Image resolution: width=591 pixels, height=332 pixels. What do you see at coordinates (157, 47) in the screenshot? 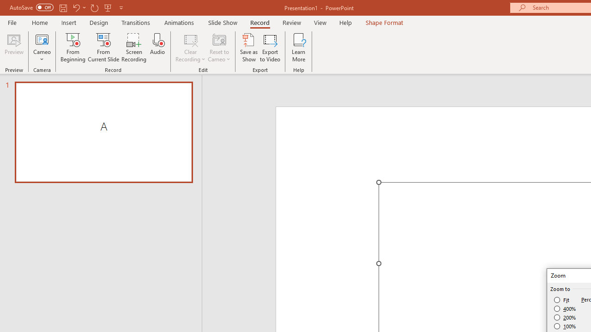
I see `'Audio'` at bounding box center [157, 47].